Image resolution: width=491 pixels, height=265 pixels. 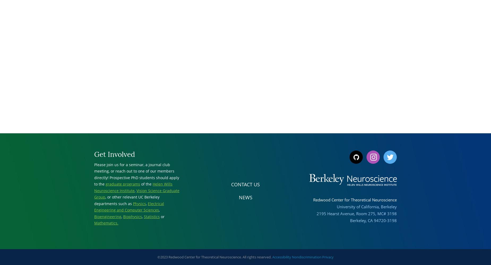 What do you see at coordinates (356, 214) in the screenshot?
I see `'2195 Hearst Avenue, Room 275, MC# 3198'` at bounding box center [356, 214].